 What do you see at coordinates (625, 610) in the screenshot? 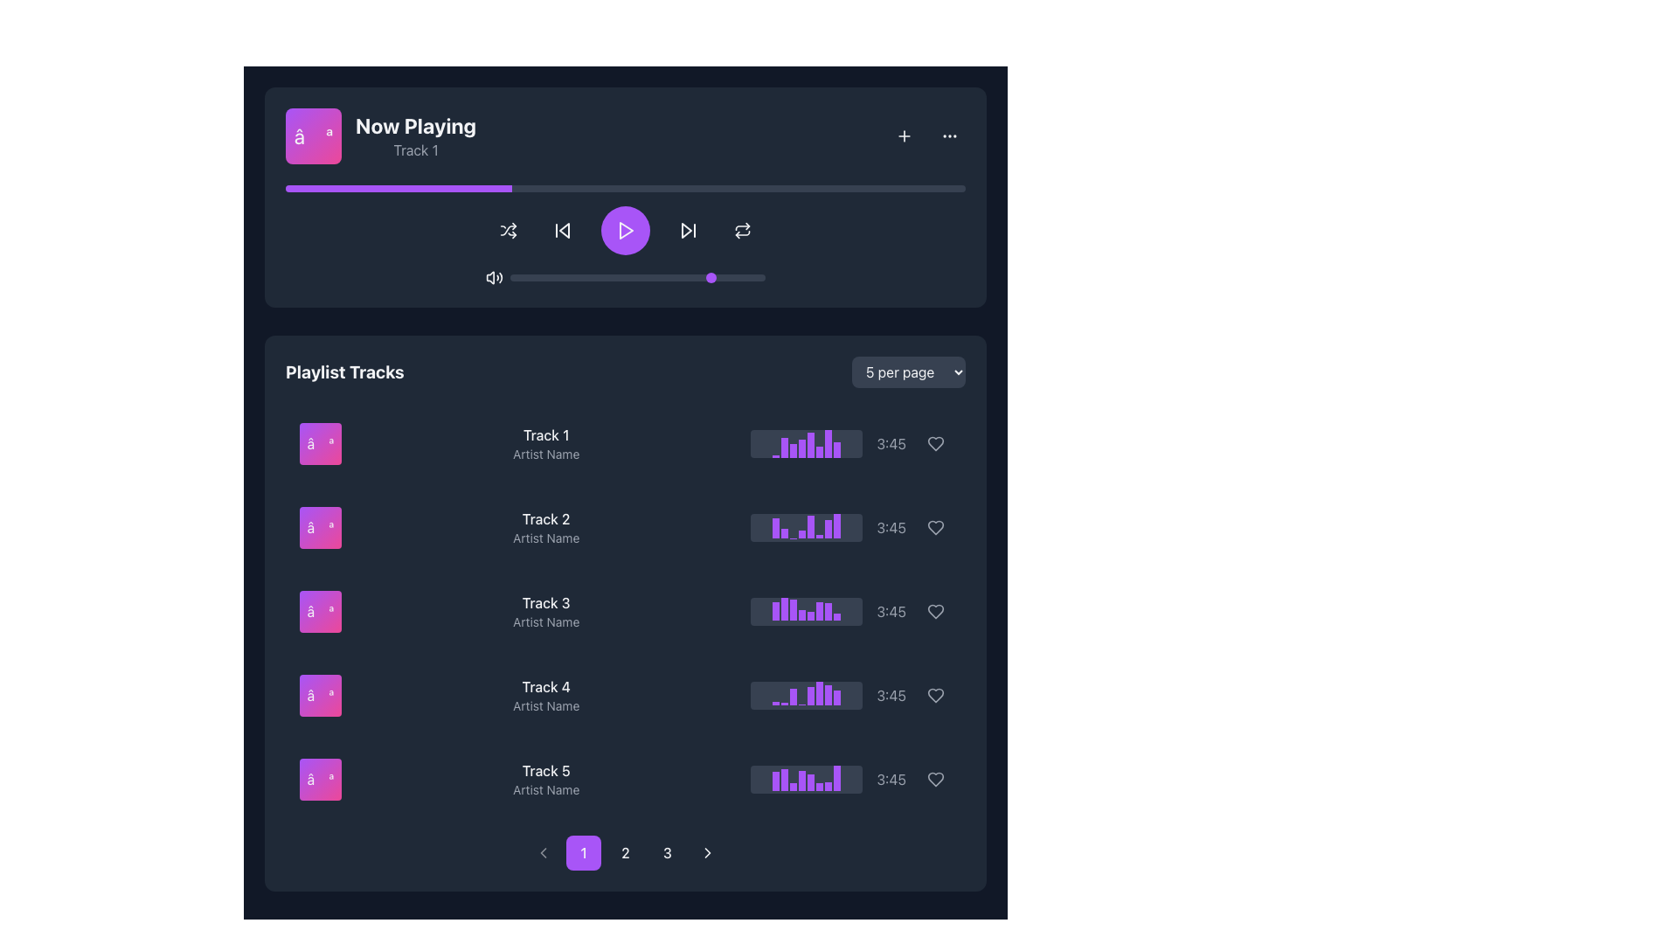
I see `the third track item in the playlist` at bounding box center [625, 610].